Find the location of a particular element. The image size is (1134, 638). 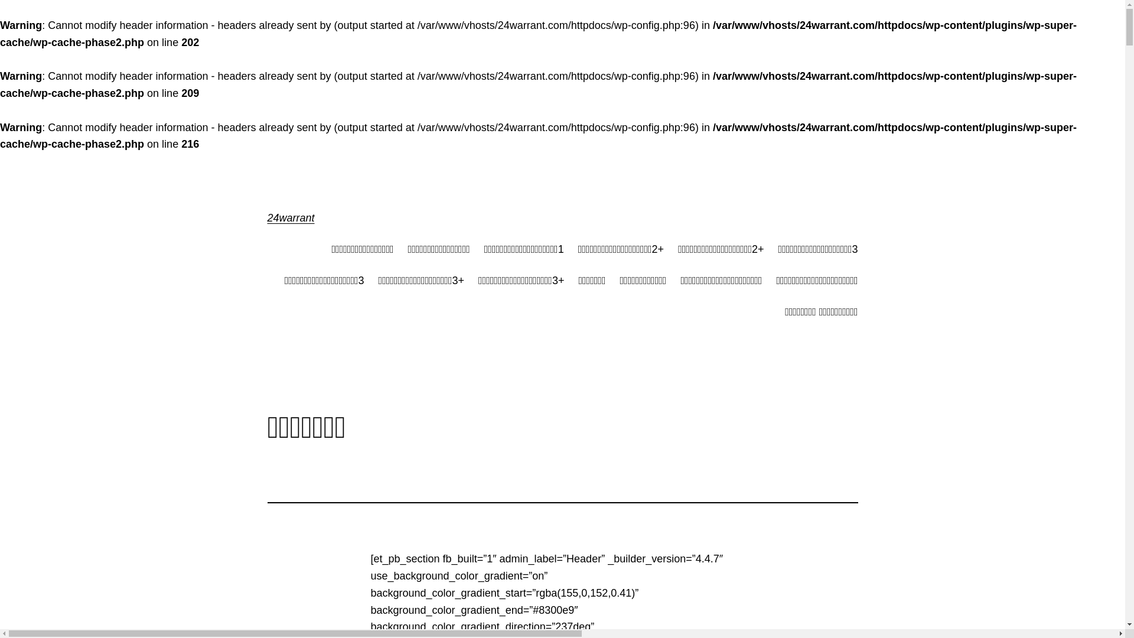

'24warrant' is located at coordinates (266, 218).